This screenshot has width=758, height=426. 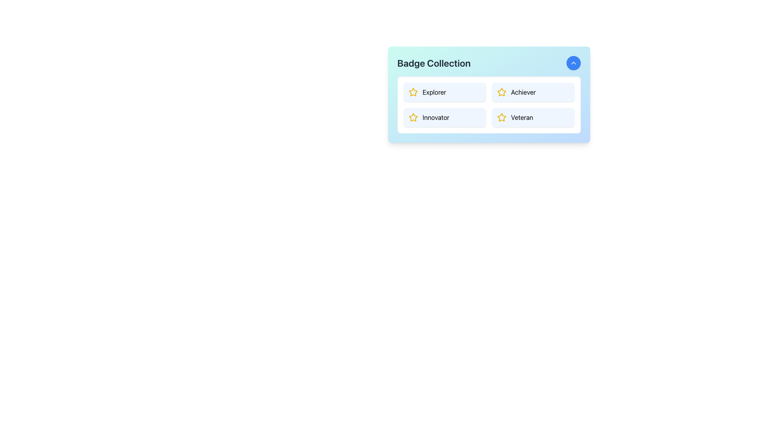 I want to click on the text label displaying 'Innovator', which is aligned with a star icon in the 'Badge Collection' section, so click(x=435, y=117).